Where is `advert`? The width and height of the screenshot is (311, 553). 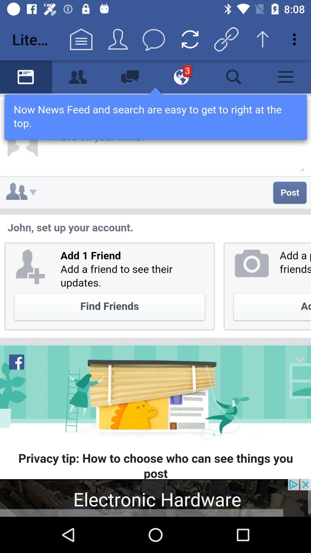
advert is located at coordinates (155, 497).